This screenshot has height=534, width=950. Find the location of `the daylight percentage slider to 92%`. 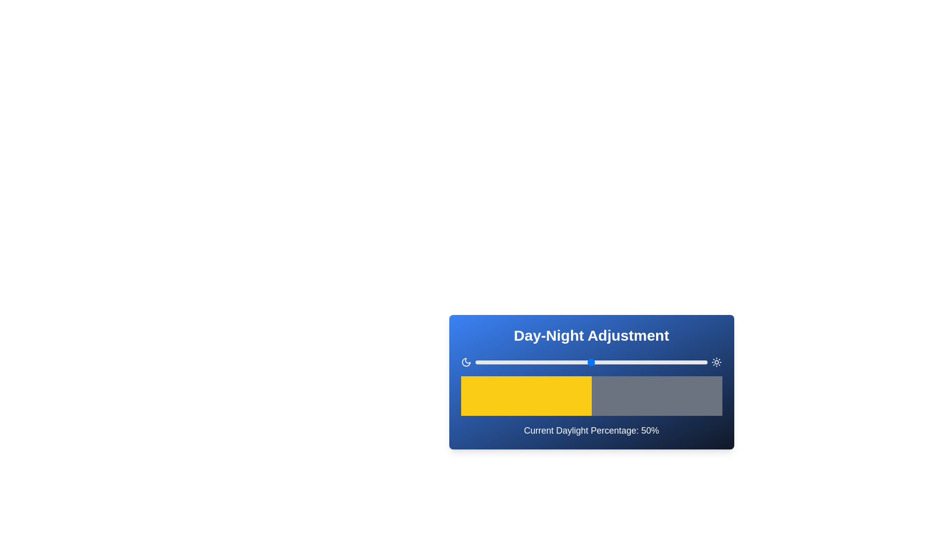

the daylight percentage slider to 92% is located at coordinates (688, 362).